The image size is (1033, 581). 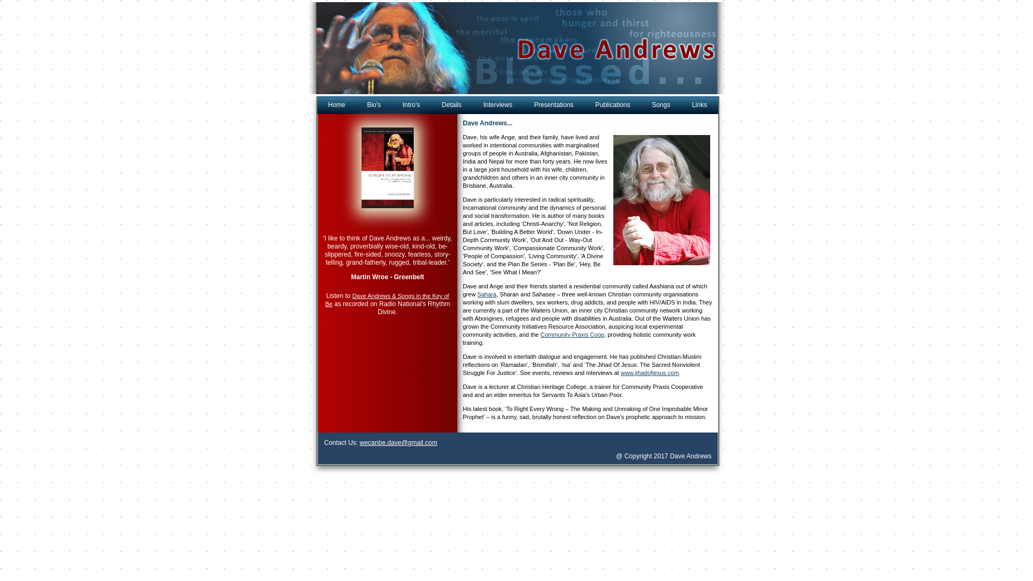 I want to click on 'Home', so click(x=327, y=105).